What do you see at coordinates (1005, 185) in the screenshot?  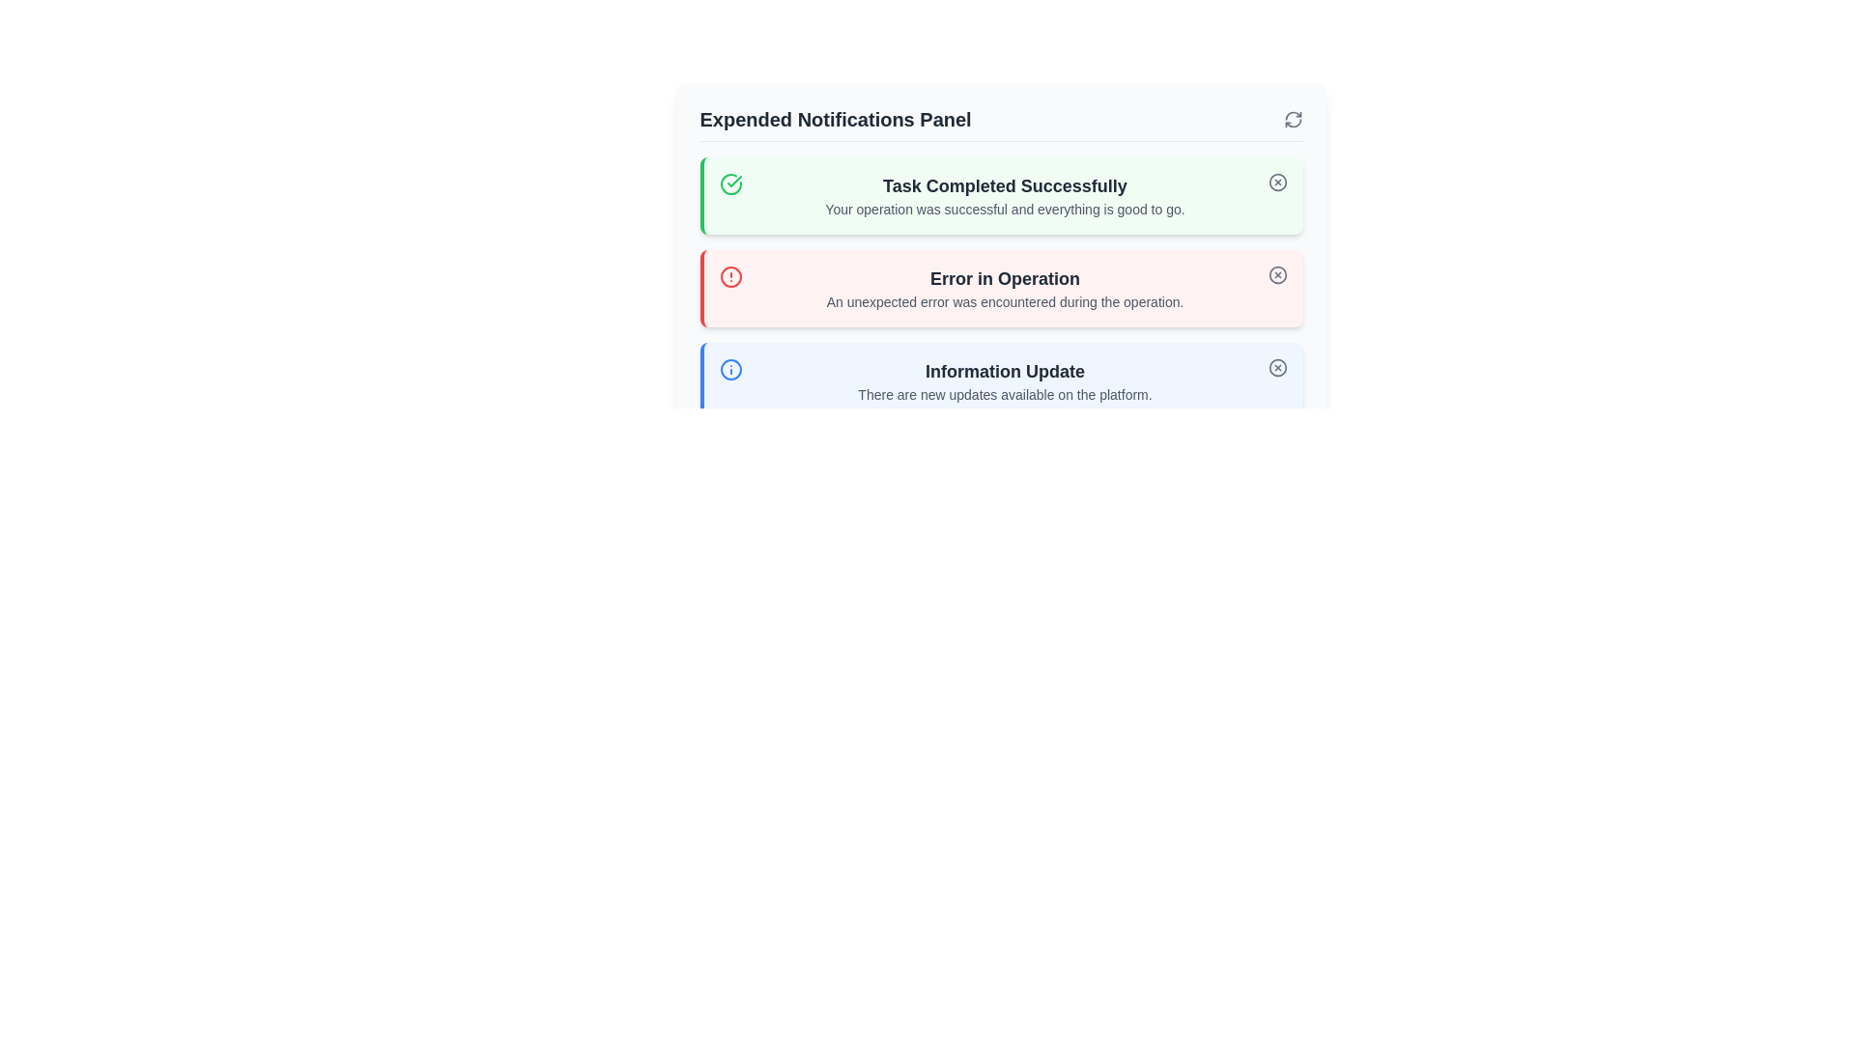 I see `success message from the Text Label located in the uppermost notification panel, which indicates that a task has been completed successfully` at bounding box center [1005, 185].